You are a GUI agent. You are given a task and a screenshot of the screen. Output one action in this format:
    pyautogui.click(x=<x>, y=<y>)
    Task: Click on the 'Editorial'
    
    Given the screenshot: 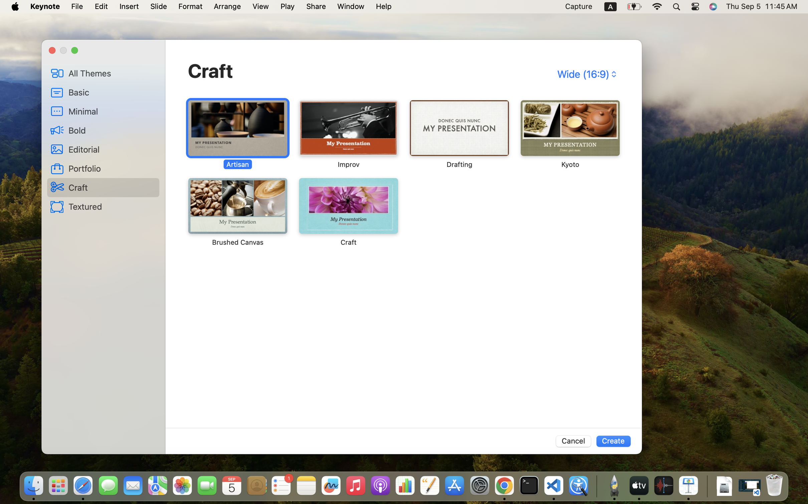 What is the action you would take?
    pyautogui.click(x=112, y=149)
    